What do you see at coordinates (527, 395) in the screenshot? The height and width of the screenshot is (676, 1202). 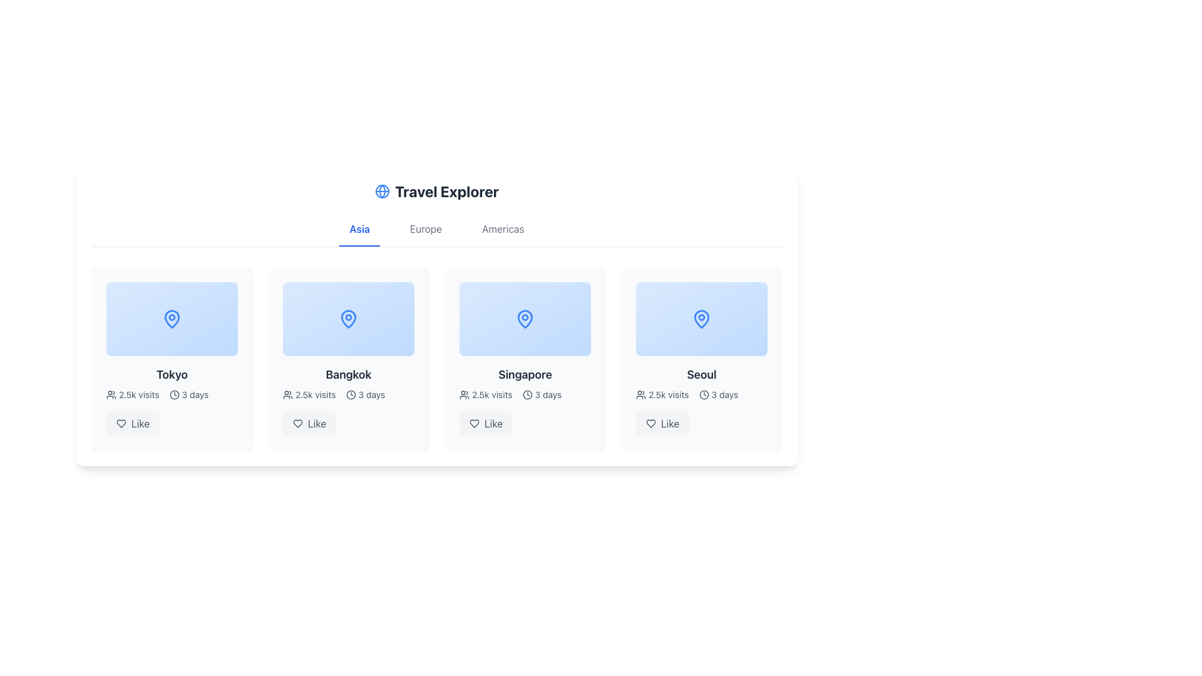 I see `the clock icon represented by the circular shape element, which serves as the boundary of the clock's face, located near the 'Singapore' item in the destination card` at bounding box center [527, 395].